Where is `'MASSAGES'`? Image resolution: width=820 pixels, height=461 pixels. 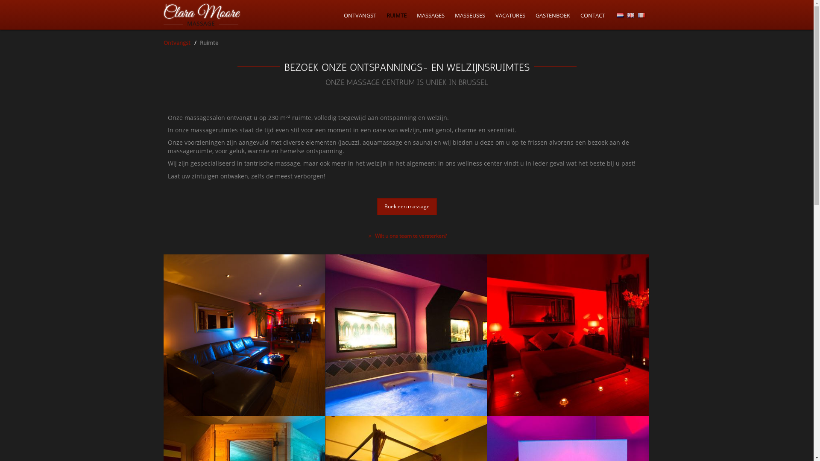 'MASSAGES' is located at coordinates (430, 15).